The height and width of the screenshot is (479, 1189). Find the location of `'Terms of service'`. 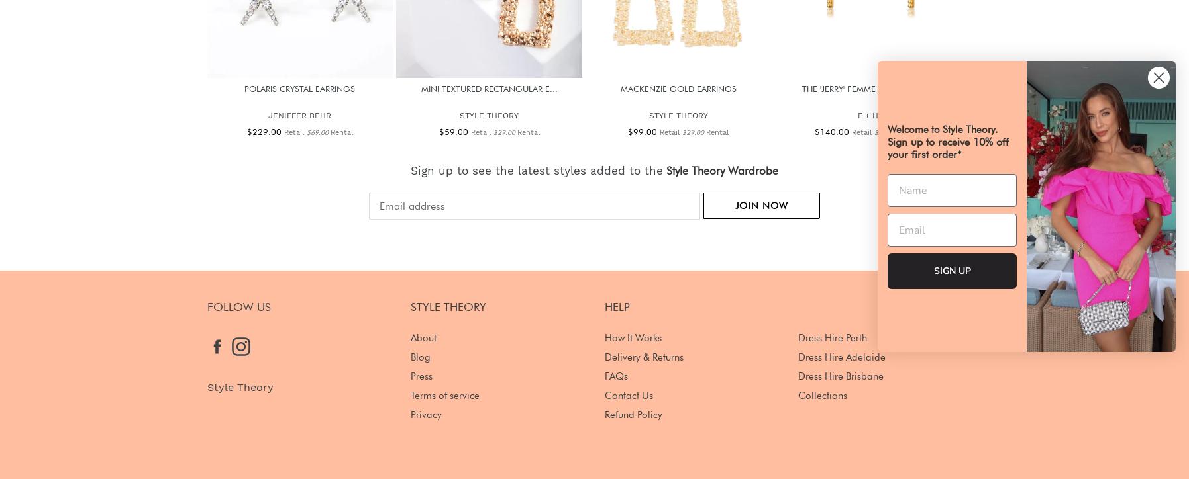

'Terms of service' is located at coordinates (444, 396).